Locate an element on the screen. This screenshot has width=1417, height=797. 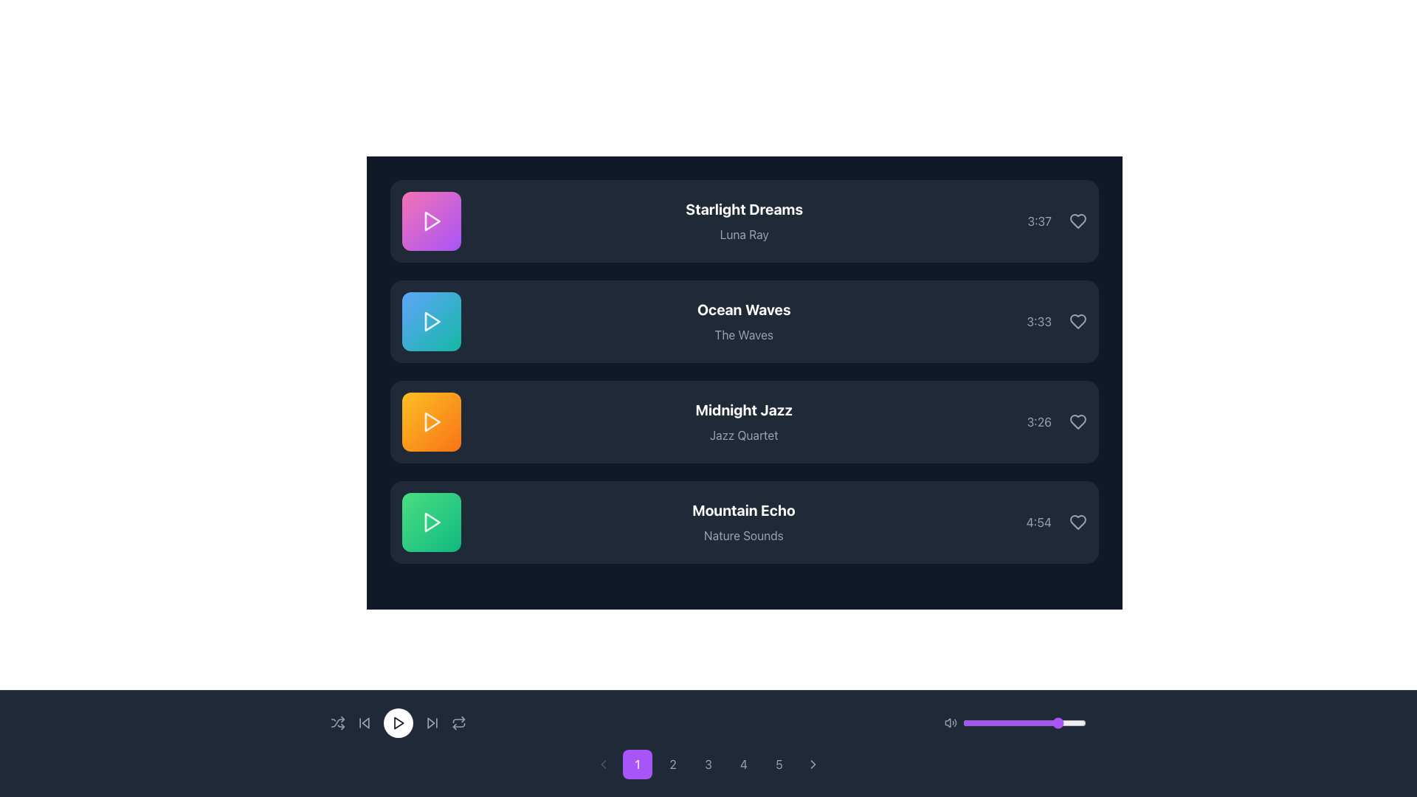
the skip back button located is located at coordinates (365, 722).